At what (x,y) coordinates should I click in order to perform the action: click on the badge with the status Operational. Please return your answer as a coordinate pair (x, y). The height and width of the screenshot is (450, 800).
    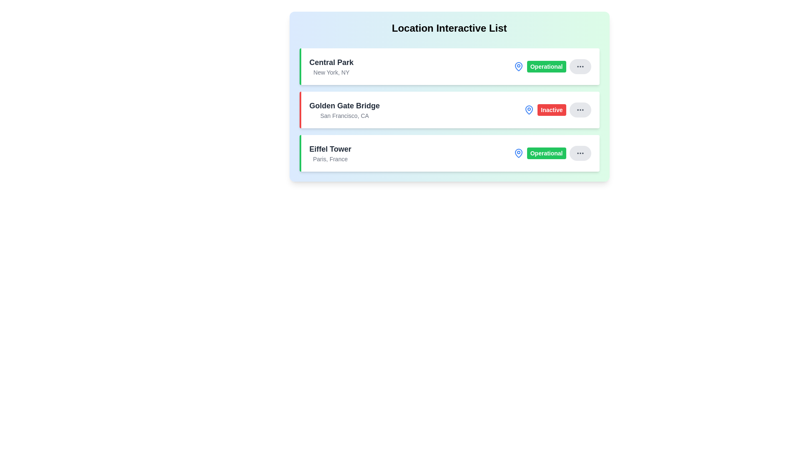
    Looking at the image, I should click on (546, 66).